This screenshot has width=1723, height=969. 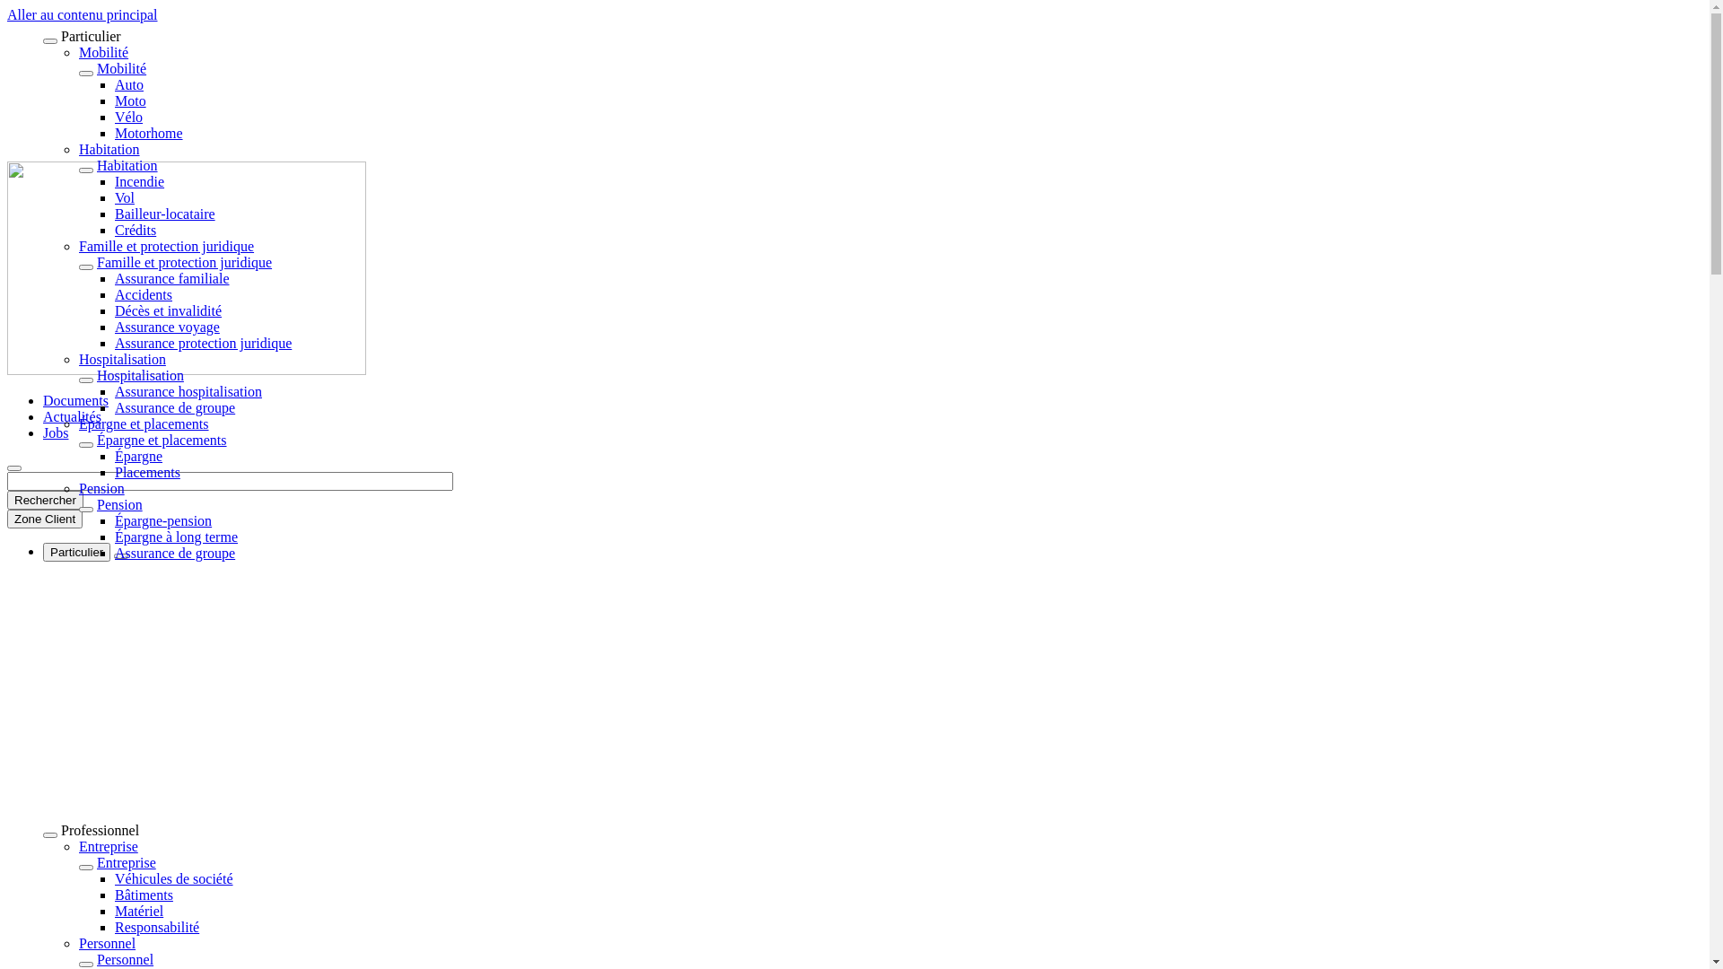 What do you see at coordinates (147, 471) in the screenshot?
I see `'Placements'` at bounding box center [147, 471].